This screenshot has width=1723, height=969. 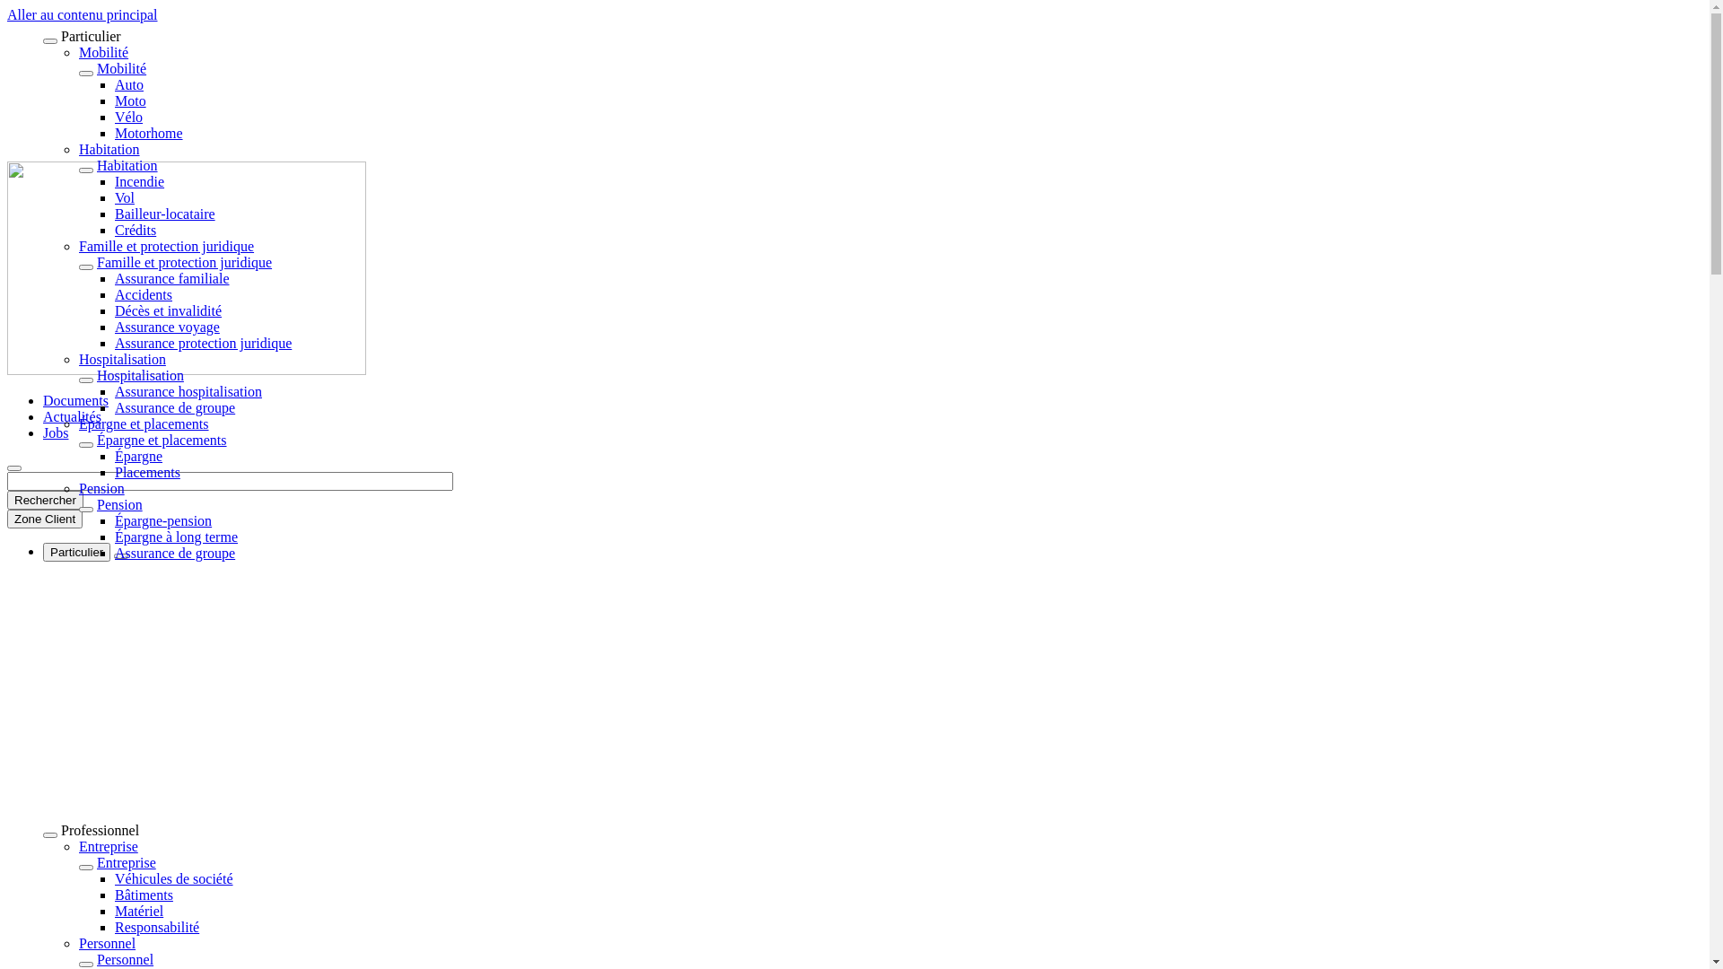 What do you see at coordinates (147, 471) in the screenshot?
I see `'Placements'` at bounding box center [147, 471].